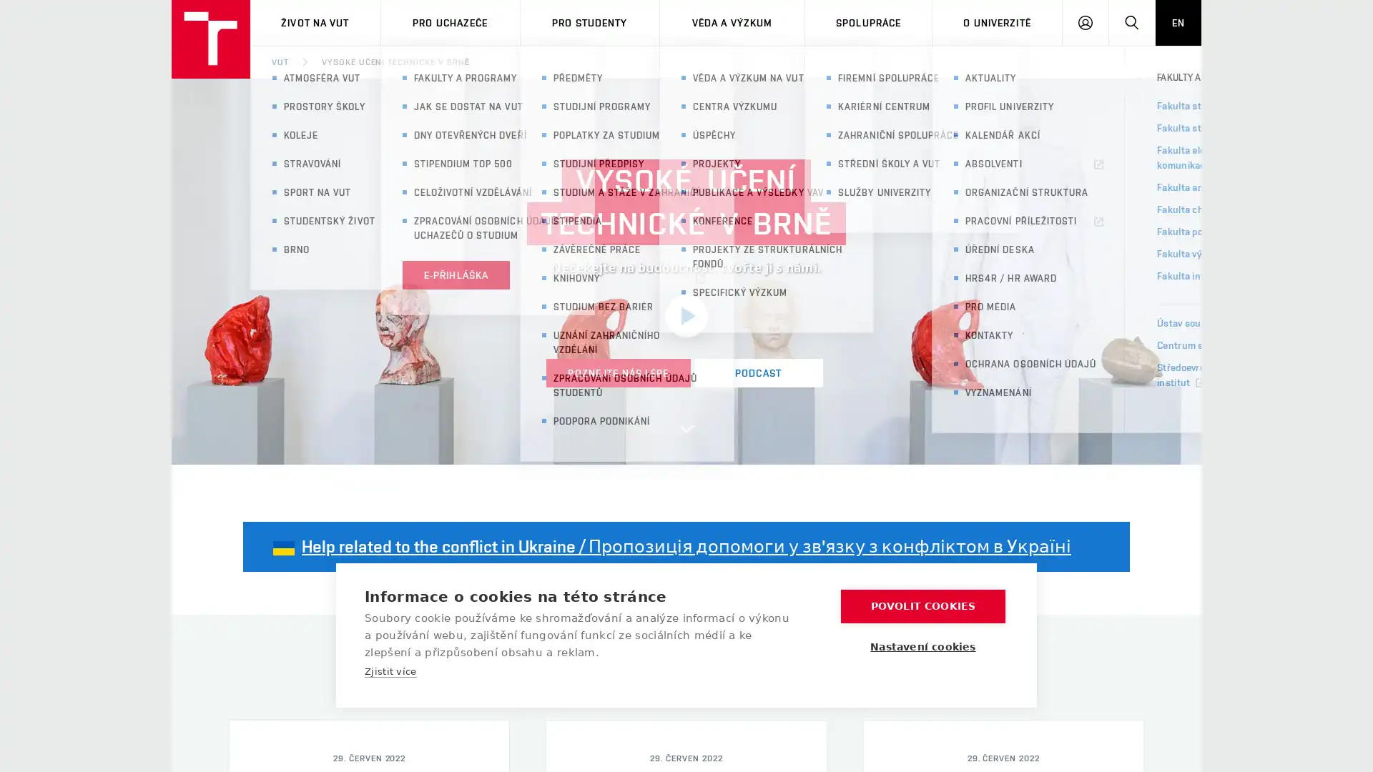 Image resolution: width=1373 pixels, height=772 pixels. What do you see at coordinates (923, 647) in the screenshot?
I see `Nastaveni cookies` at bounding box center [923, 647].